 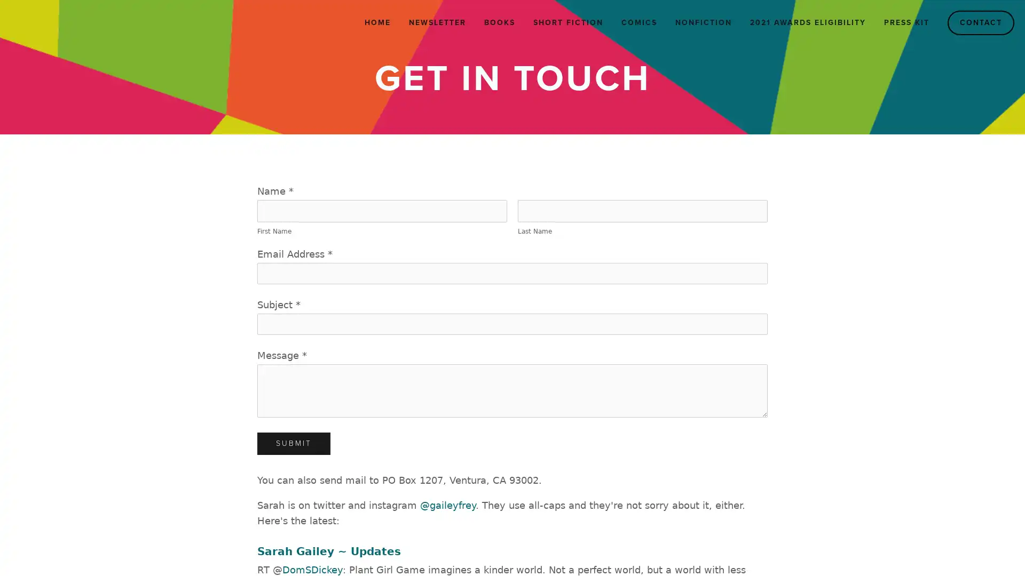 What do you see at coordinates (294, 444) in the screenshot?
I see `Submit` at bounding box center [294, 444].